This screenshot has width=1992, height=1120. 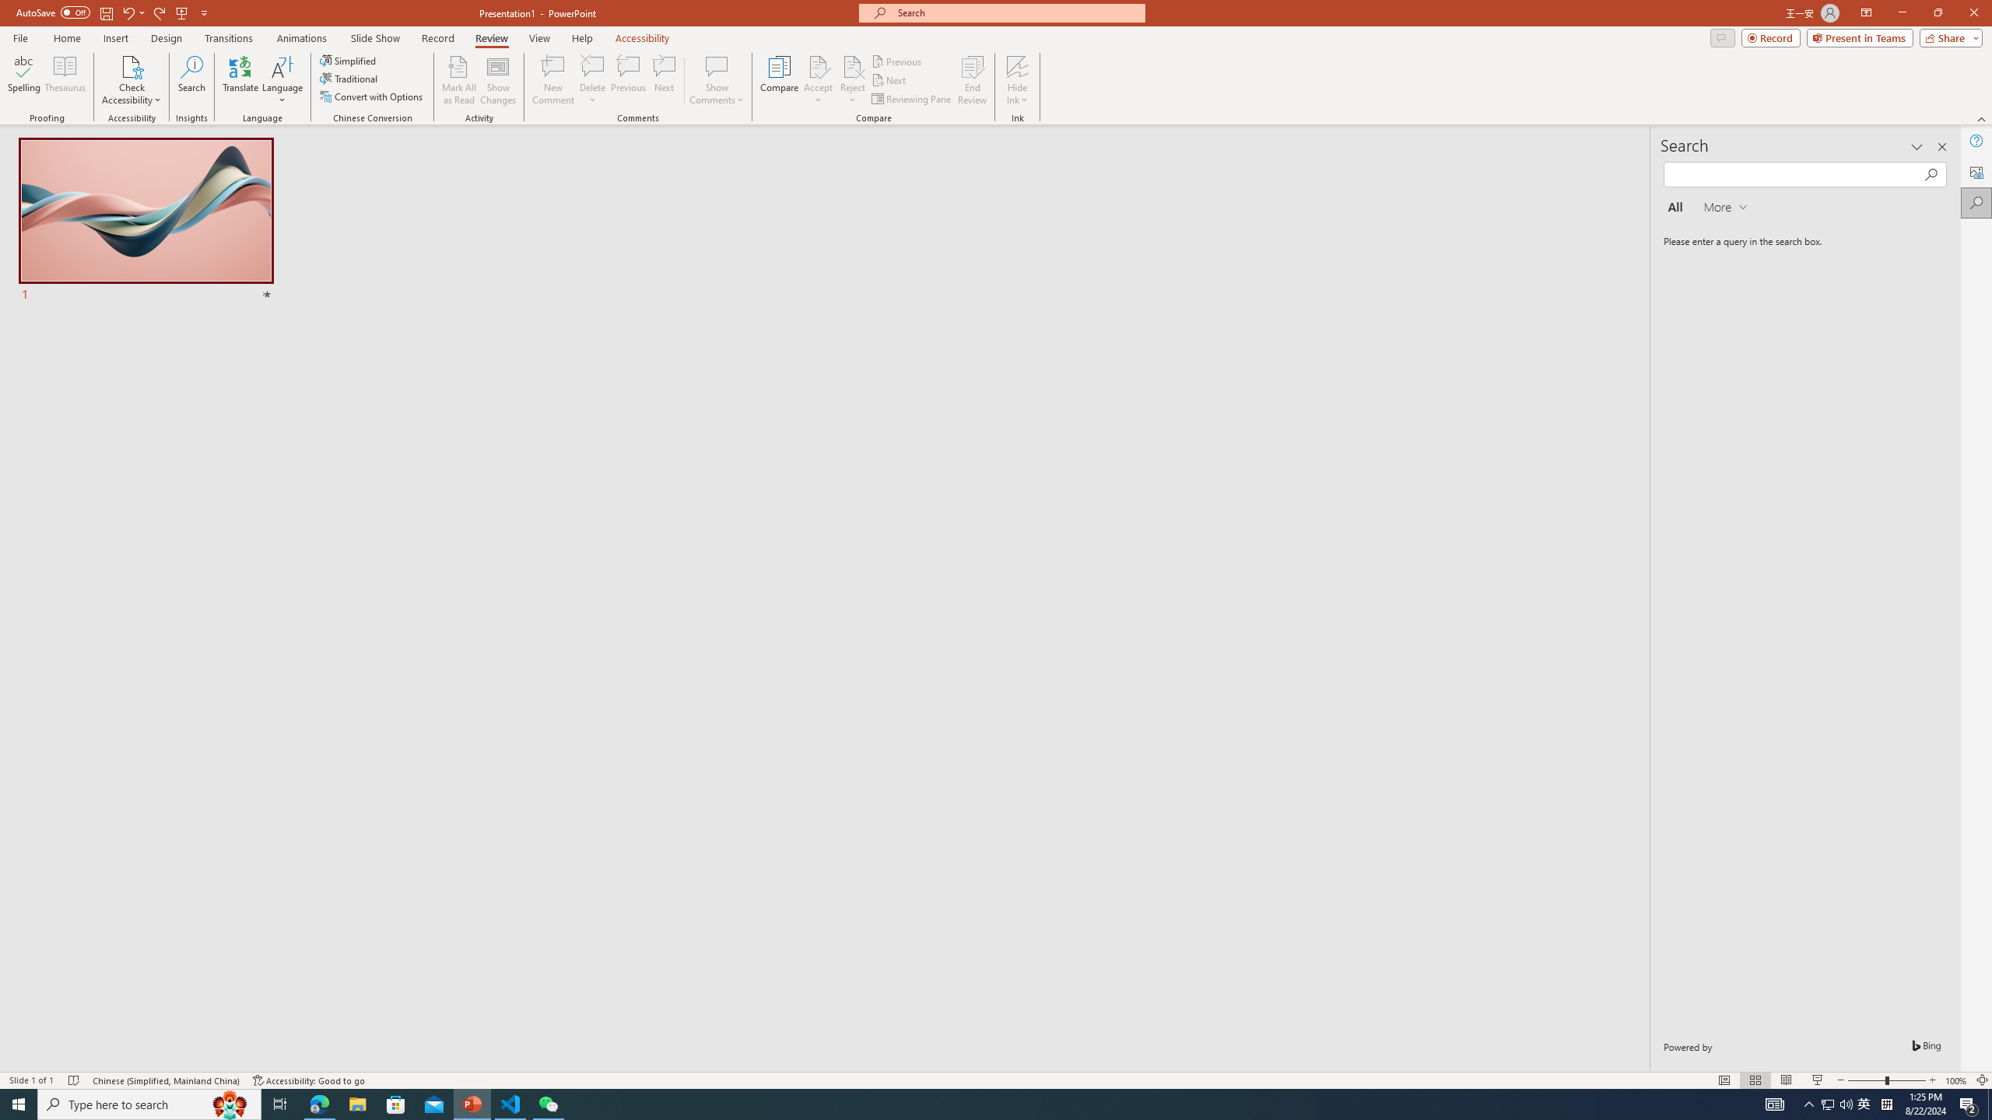 What do you see at coordinates (911, 99) in the screenshot?
I see `'Reviewing Pane'` at bounding box center [911, 99].